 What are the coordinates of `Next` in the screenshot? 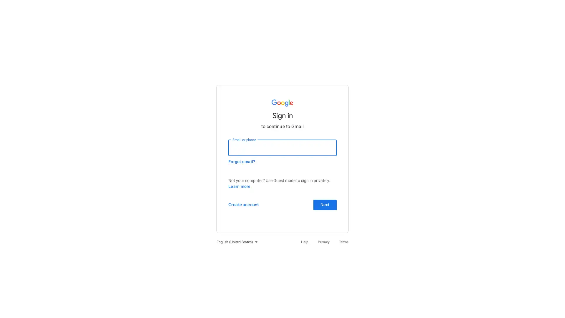 It's located at (325, 204).